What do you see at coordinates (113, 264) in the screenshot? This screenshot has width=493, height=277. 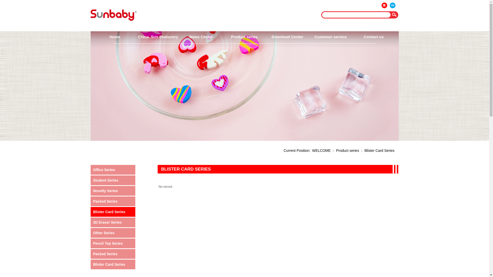 I see `'Blister Card Series'` at bounding box center [113, 264].